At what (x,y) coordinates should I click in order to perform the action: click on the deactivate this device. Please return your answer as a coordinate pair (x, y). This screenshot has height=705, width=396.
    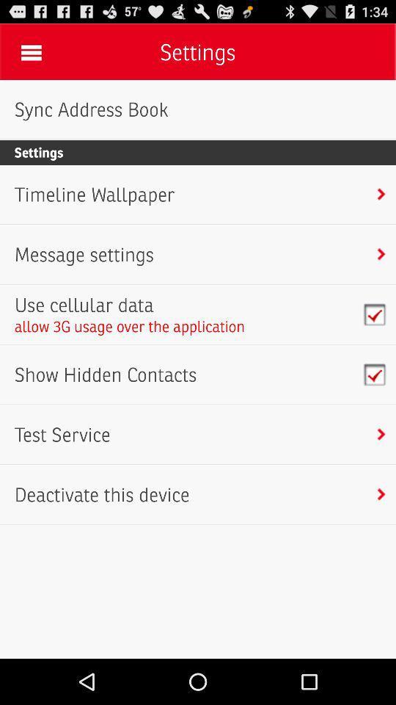
    Looking at the image, I should click on (101, 494).